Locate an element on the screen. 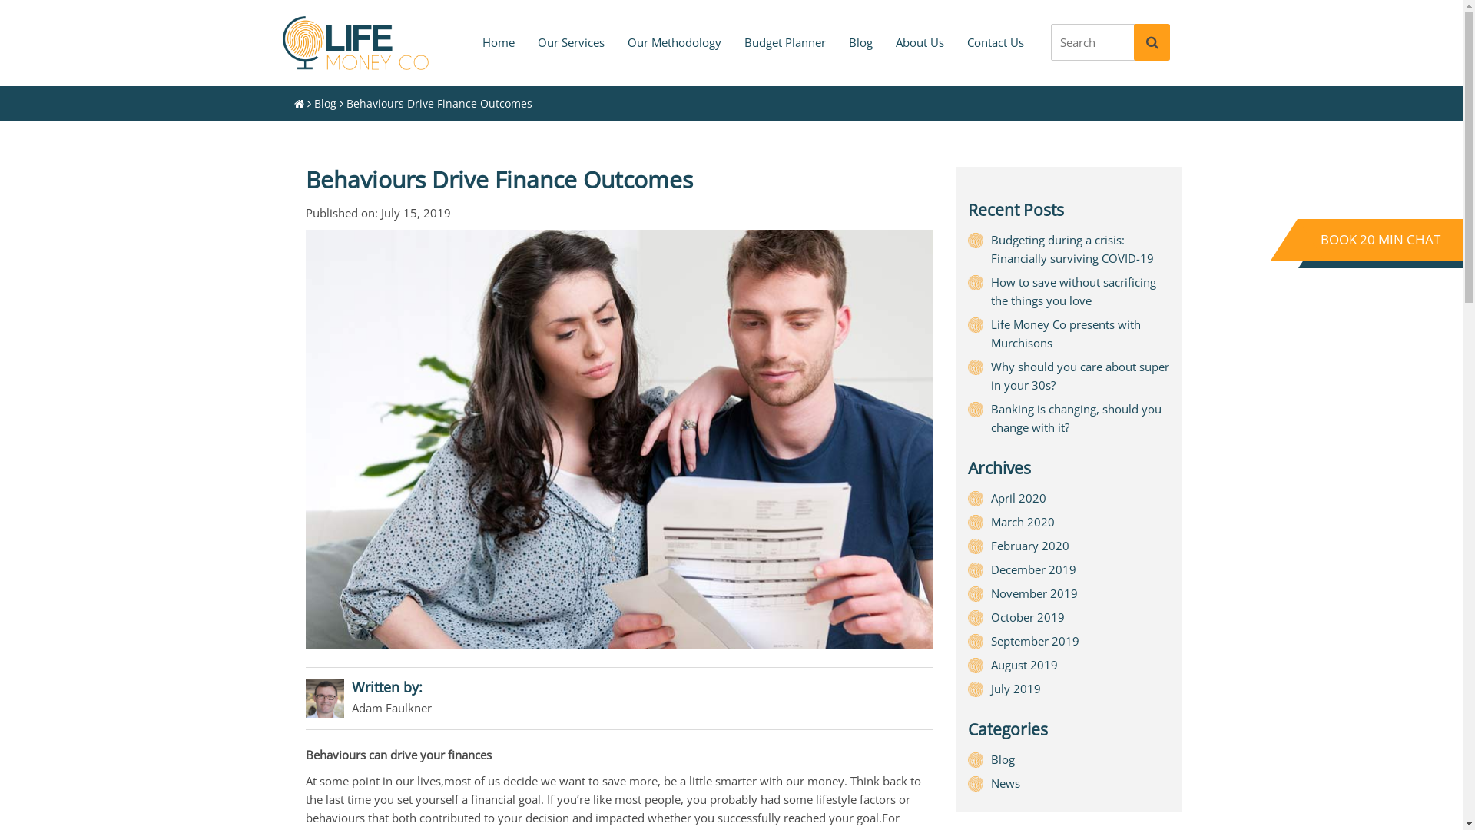 The height and width of the screenshot is (830, 1475). 'Budgeting during a crisis: Financially surviving COVID-19' is located at coordinates (1072, 248).